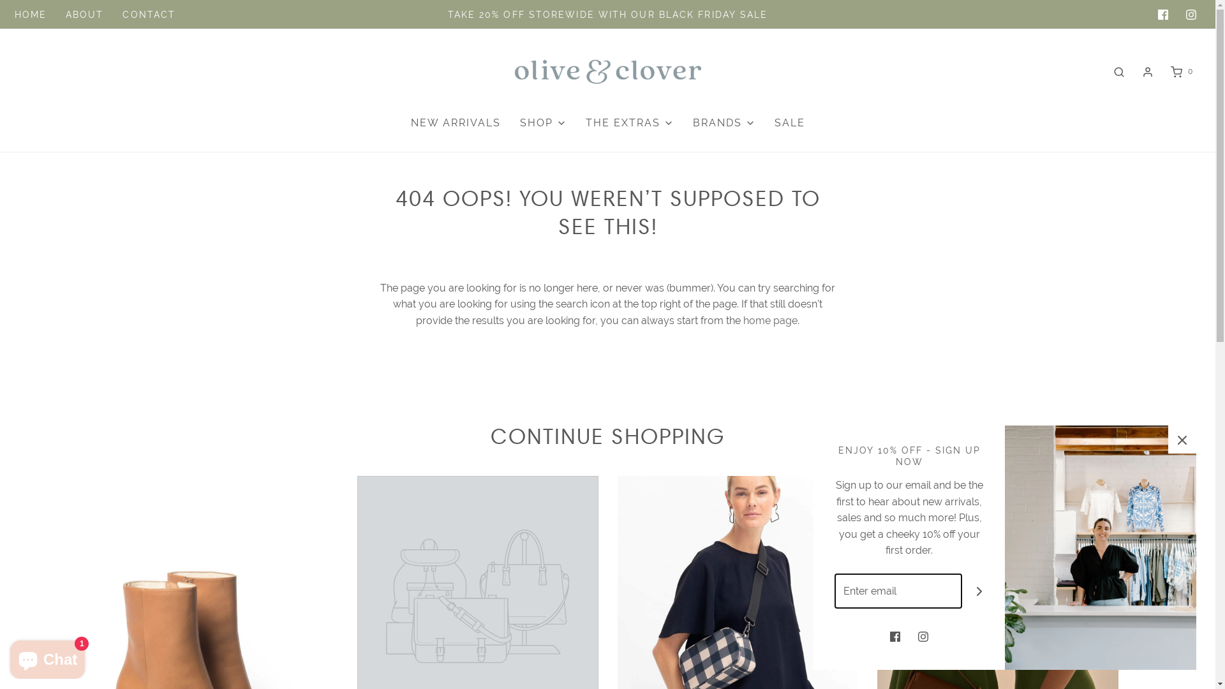  What do you see at coordinates (47, 656) in the screenshot?
I see `'Shopify online store chat'` at bounding box center [47, 656].